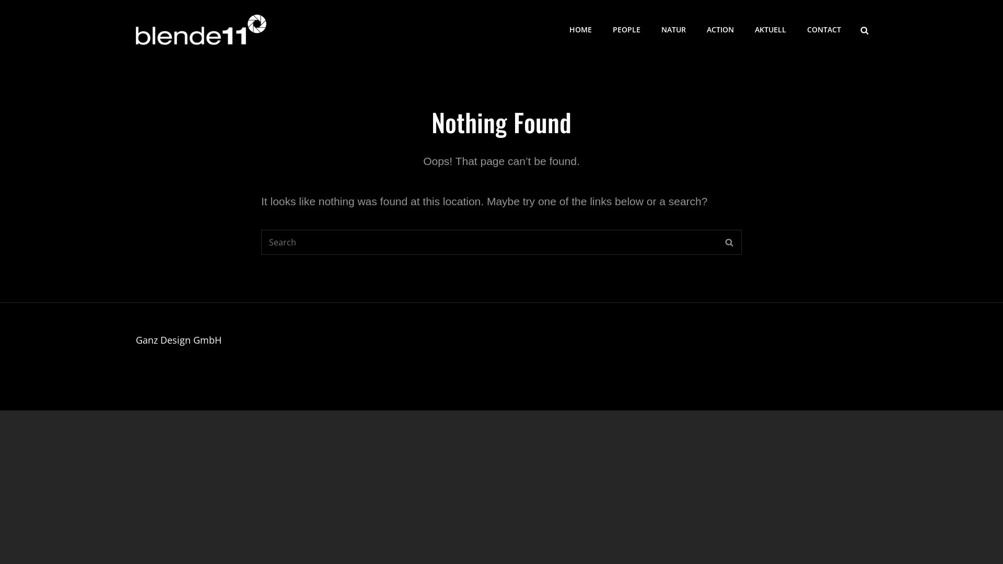  What do you see at coordinates (178, 340) in the screenshot?
I see `'Ganz Design GmbH'` at bounding box center [178, 340].